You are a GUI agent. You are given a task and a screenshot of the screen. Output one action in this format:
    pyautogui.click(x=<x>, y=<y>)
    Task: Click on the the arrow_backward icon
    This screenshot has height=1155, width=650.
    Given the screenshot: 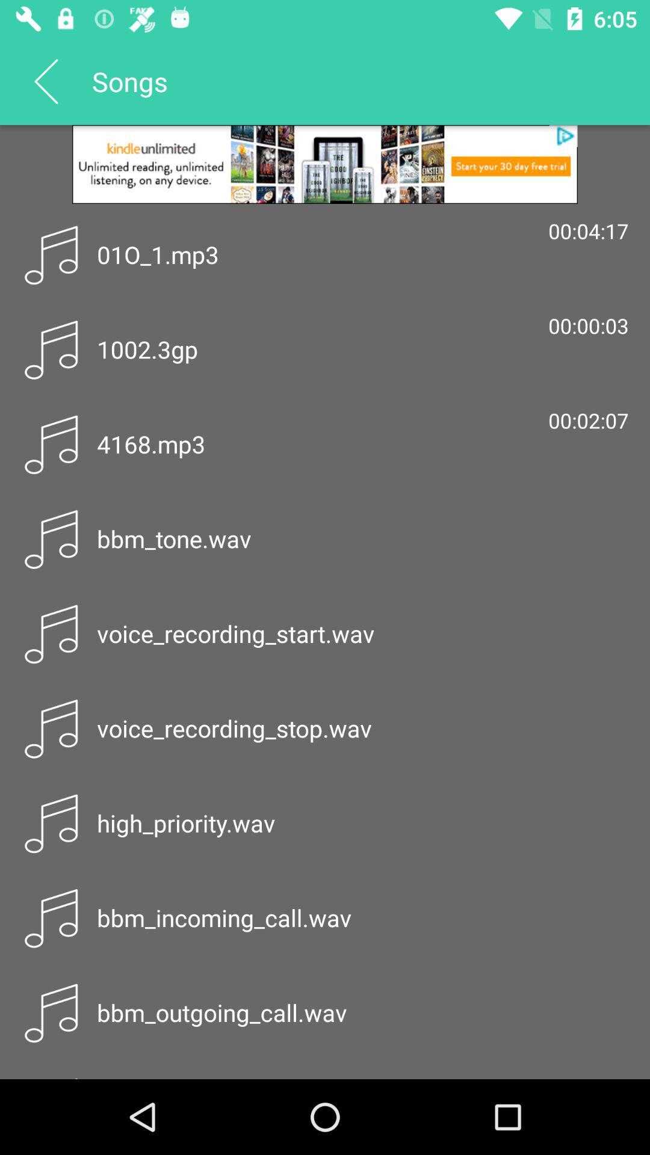 What is the action you would take?
    pyautogui.click(x=45, y=80)
    